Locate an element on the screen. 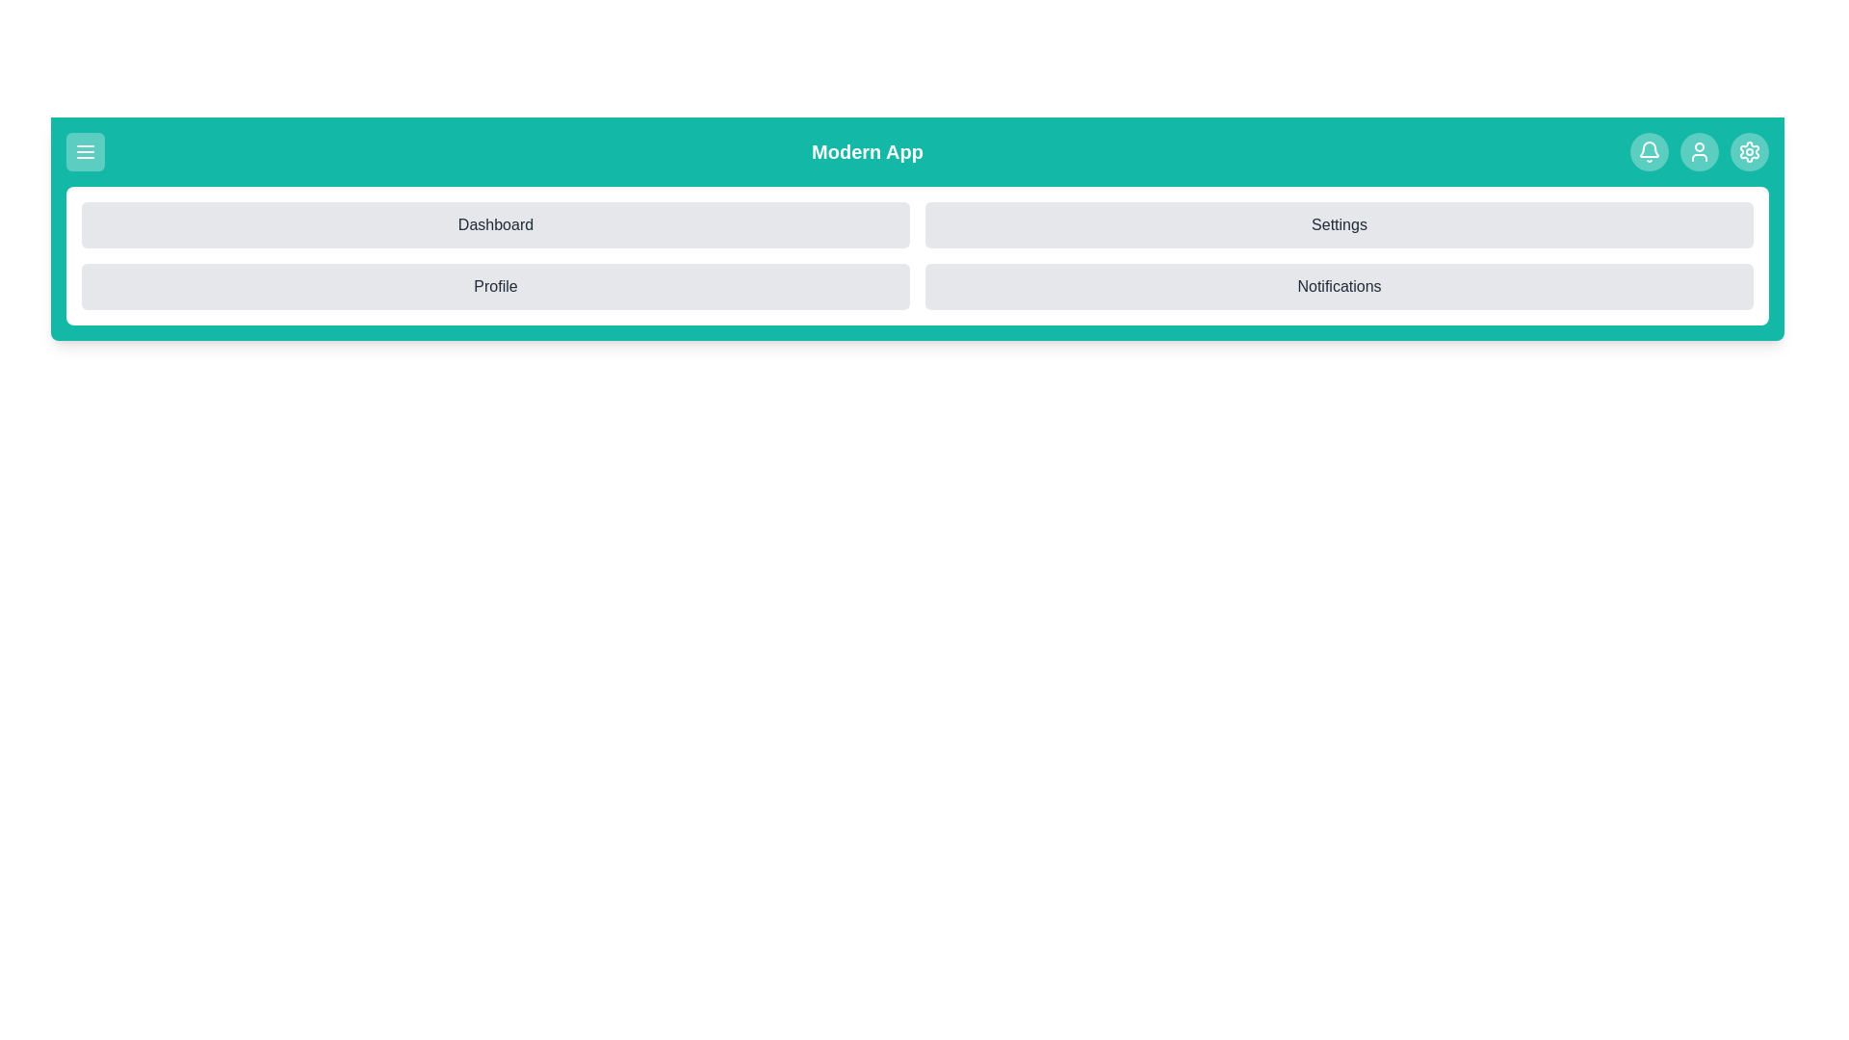  the 'Settings' button to select it is located at coordinates (1339, 224).